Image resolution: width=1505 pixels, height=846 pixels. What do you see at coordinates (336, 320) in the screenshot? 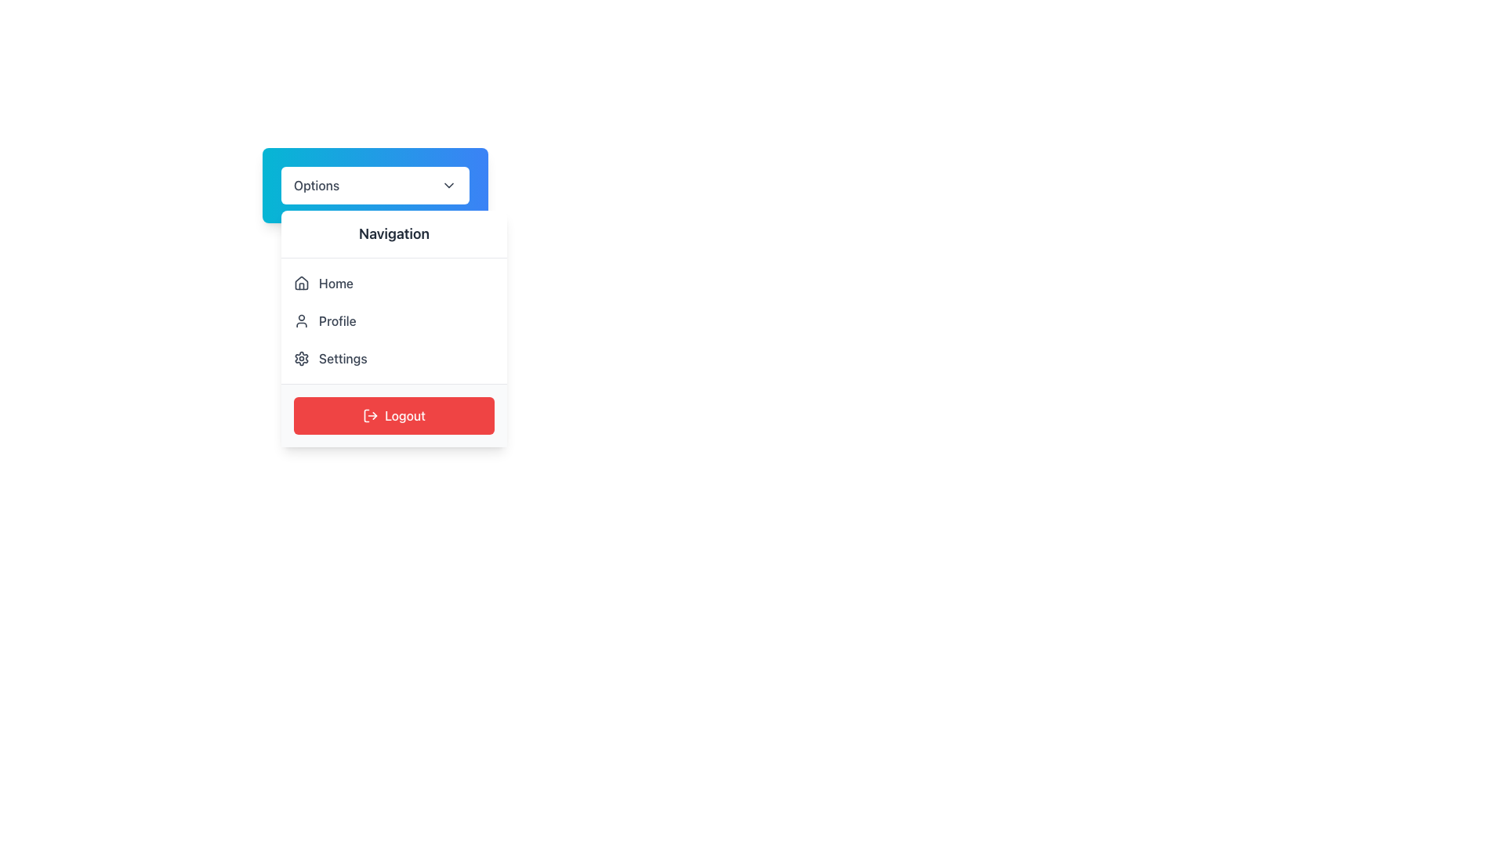
I see `the 'Profile' text label, which is the middle option in a vertical menu aligned to the right of a user icon` at bounding box center [336, 320].